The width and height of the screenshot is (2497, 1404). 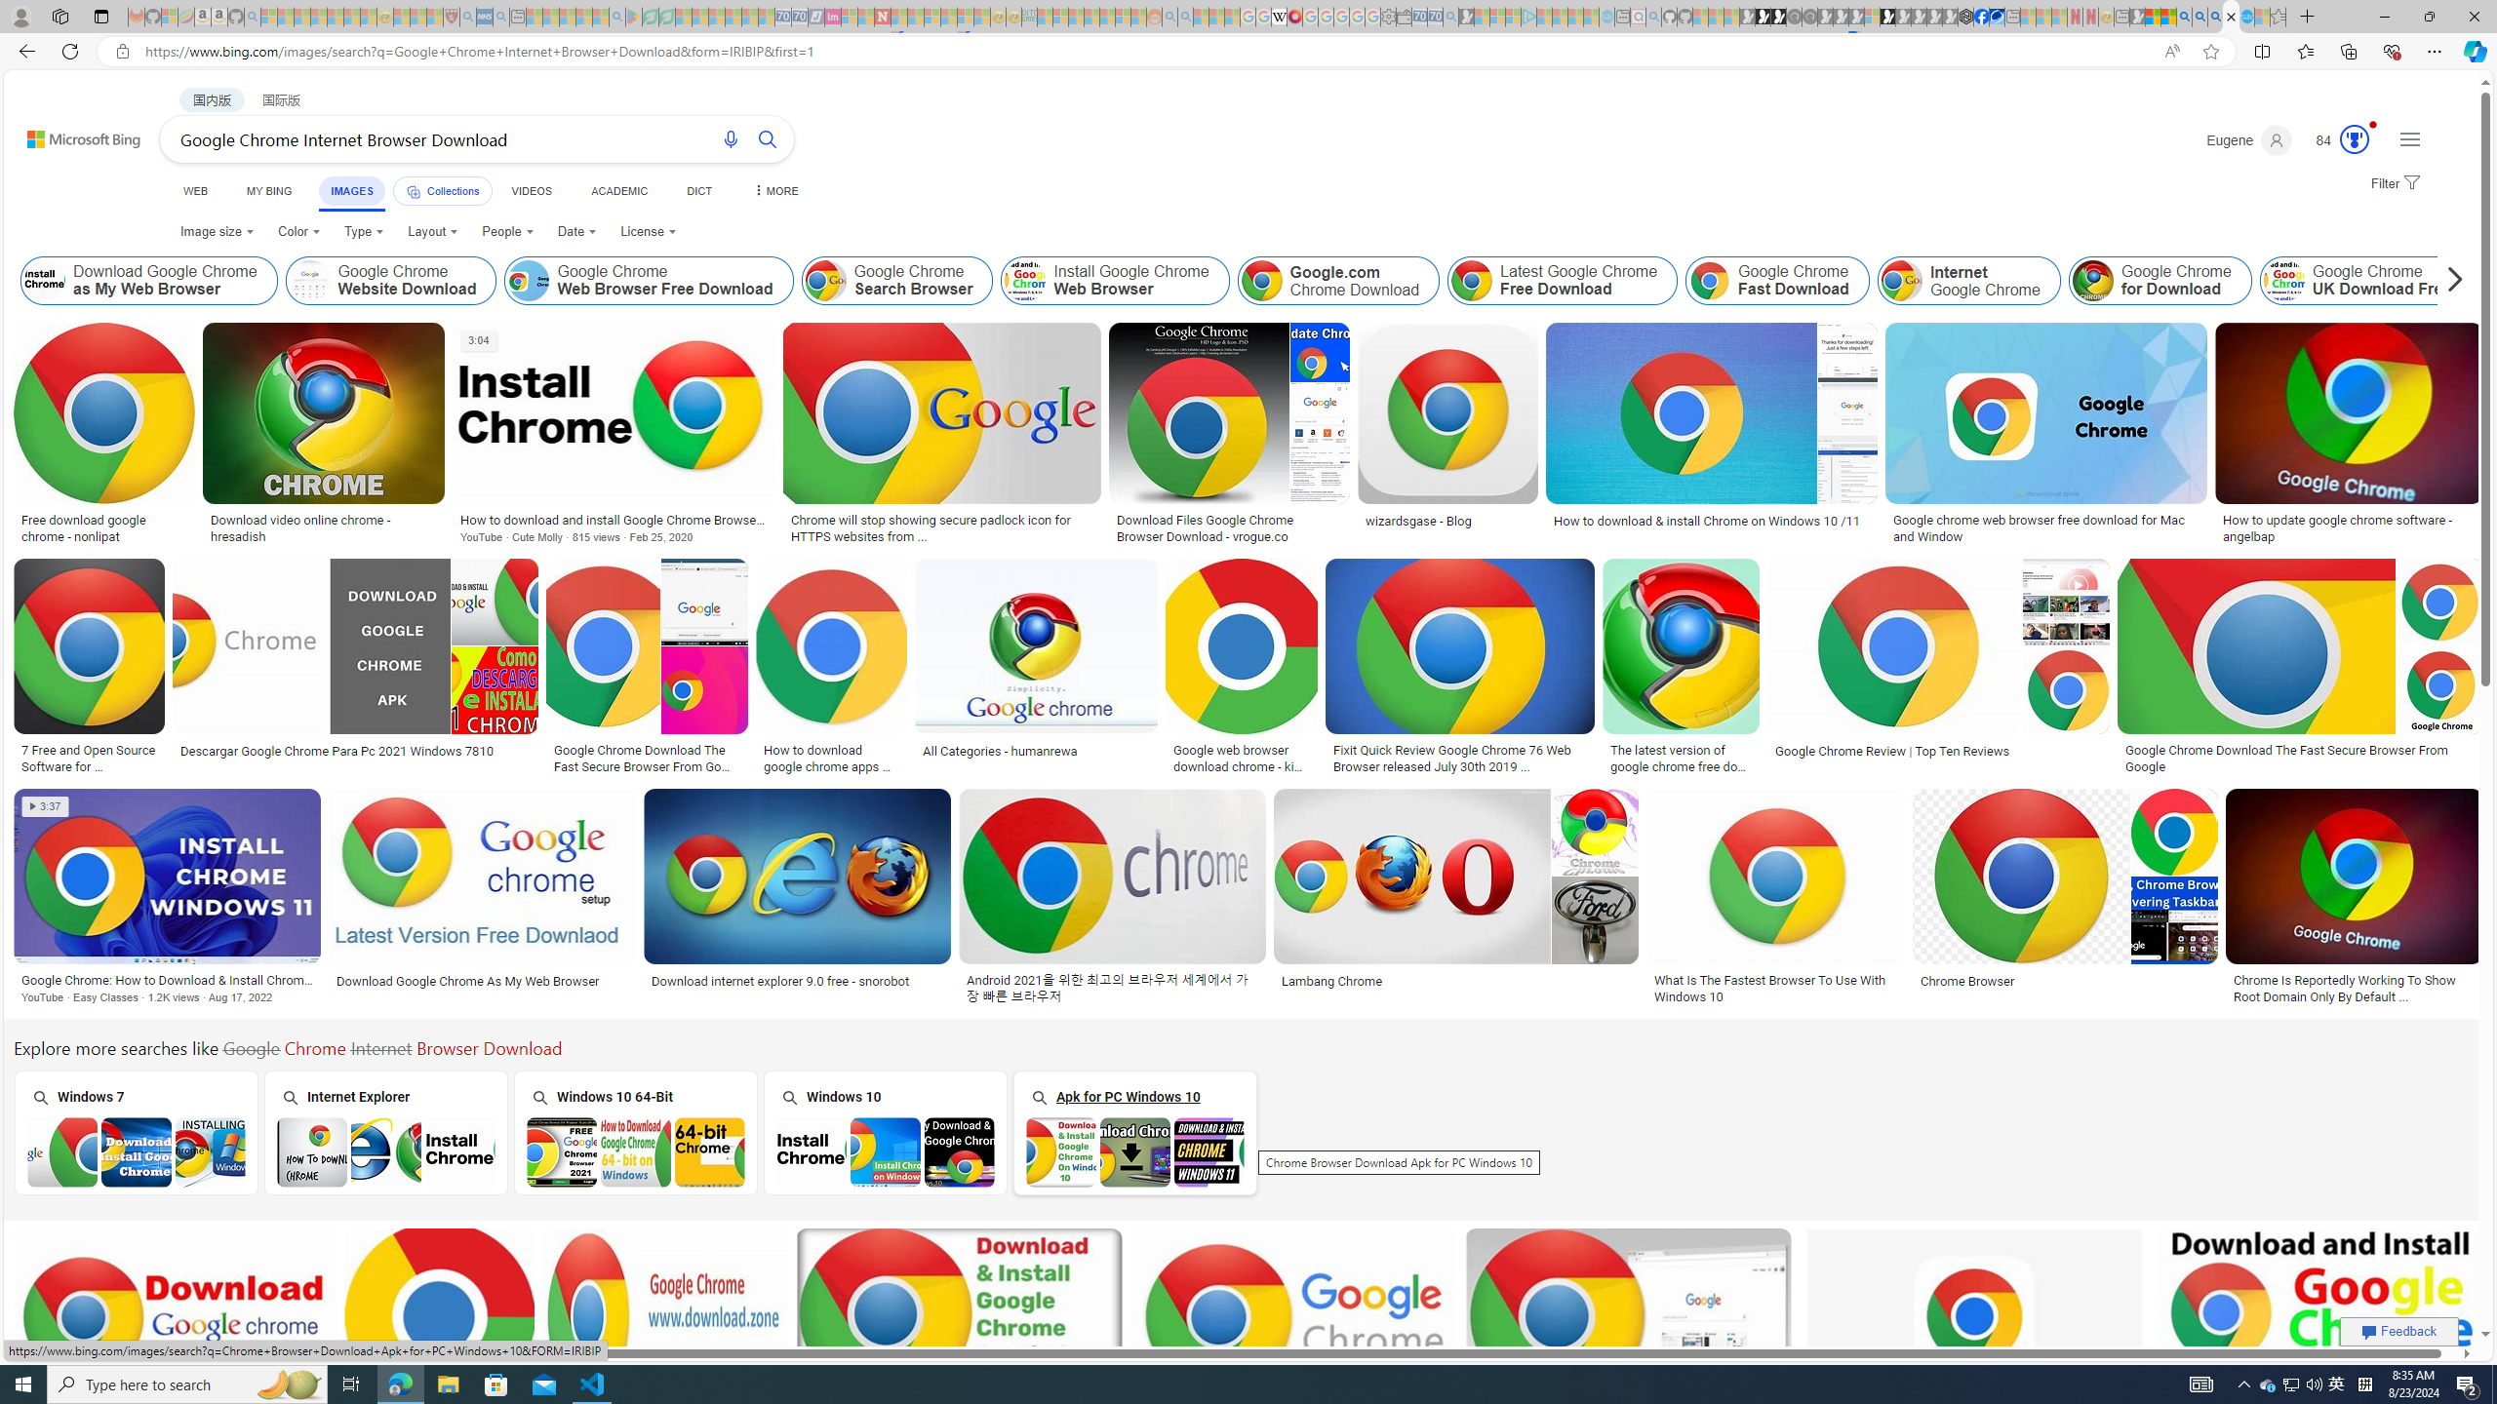 I want to click on 'All Categories - humanrewaSave', so click(x=1039, y=668).